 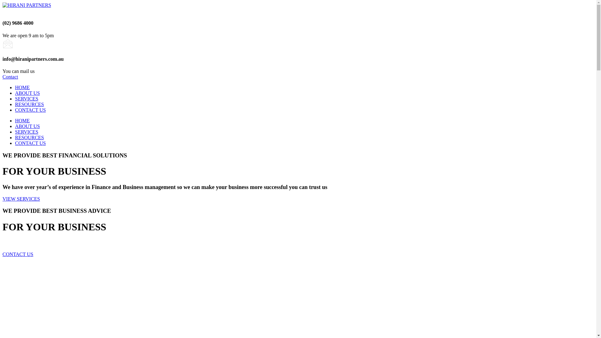 I want to click on 'RESOURCES', so click(x=15, y=137).